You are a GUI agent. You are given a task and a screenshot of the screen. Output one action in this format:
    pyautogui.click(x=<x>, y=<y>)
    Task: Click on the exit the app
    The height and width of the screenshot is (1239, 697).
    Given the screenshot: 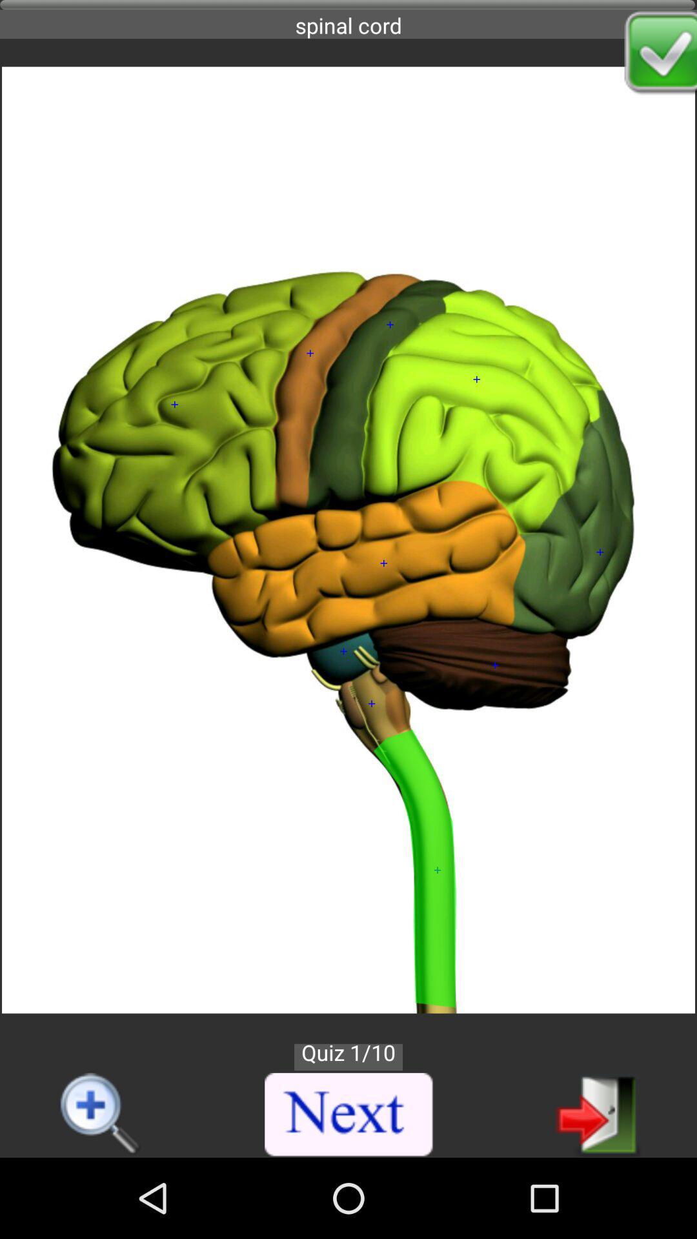 What is the action you would take?
    pyautogui.click(x=598, y=1113)
    